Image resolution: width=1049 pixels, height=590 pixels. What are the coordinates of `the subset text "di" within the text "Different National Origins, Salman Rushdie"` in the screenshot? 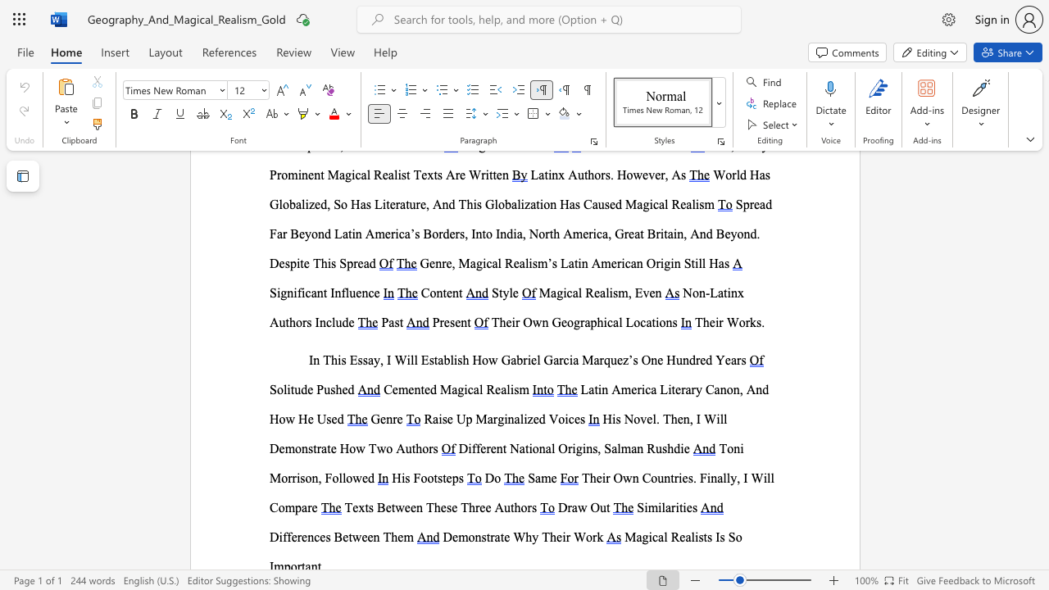 It's located at (674, 448).